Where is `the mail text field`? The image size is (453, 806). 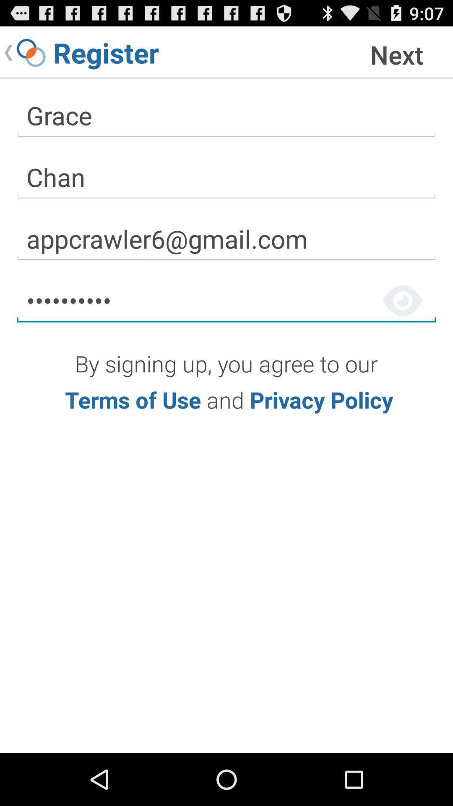
the mail text field is located at coordinates (226, 238).